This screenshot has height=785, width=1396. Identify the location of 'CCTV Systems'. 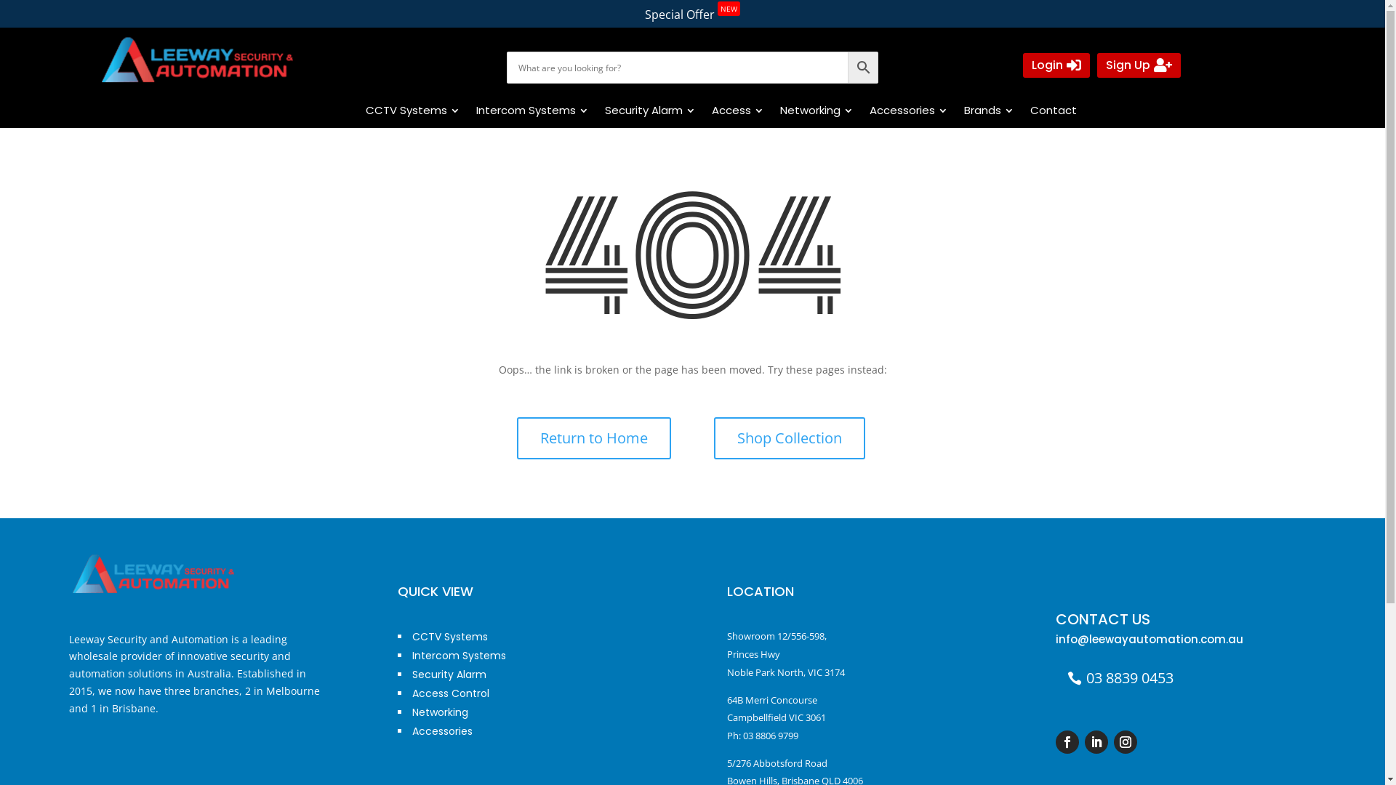
(411, 635).